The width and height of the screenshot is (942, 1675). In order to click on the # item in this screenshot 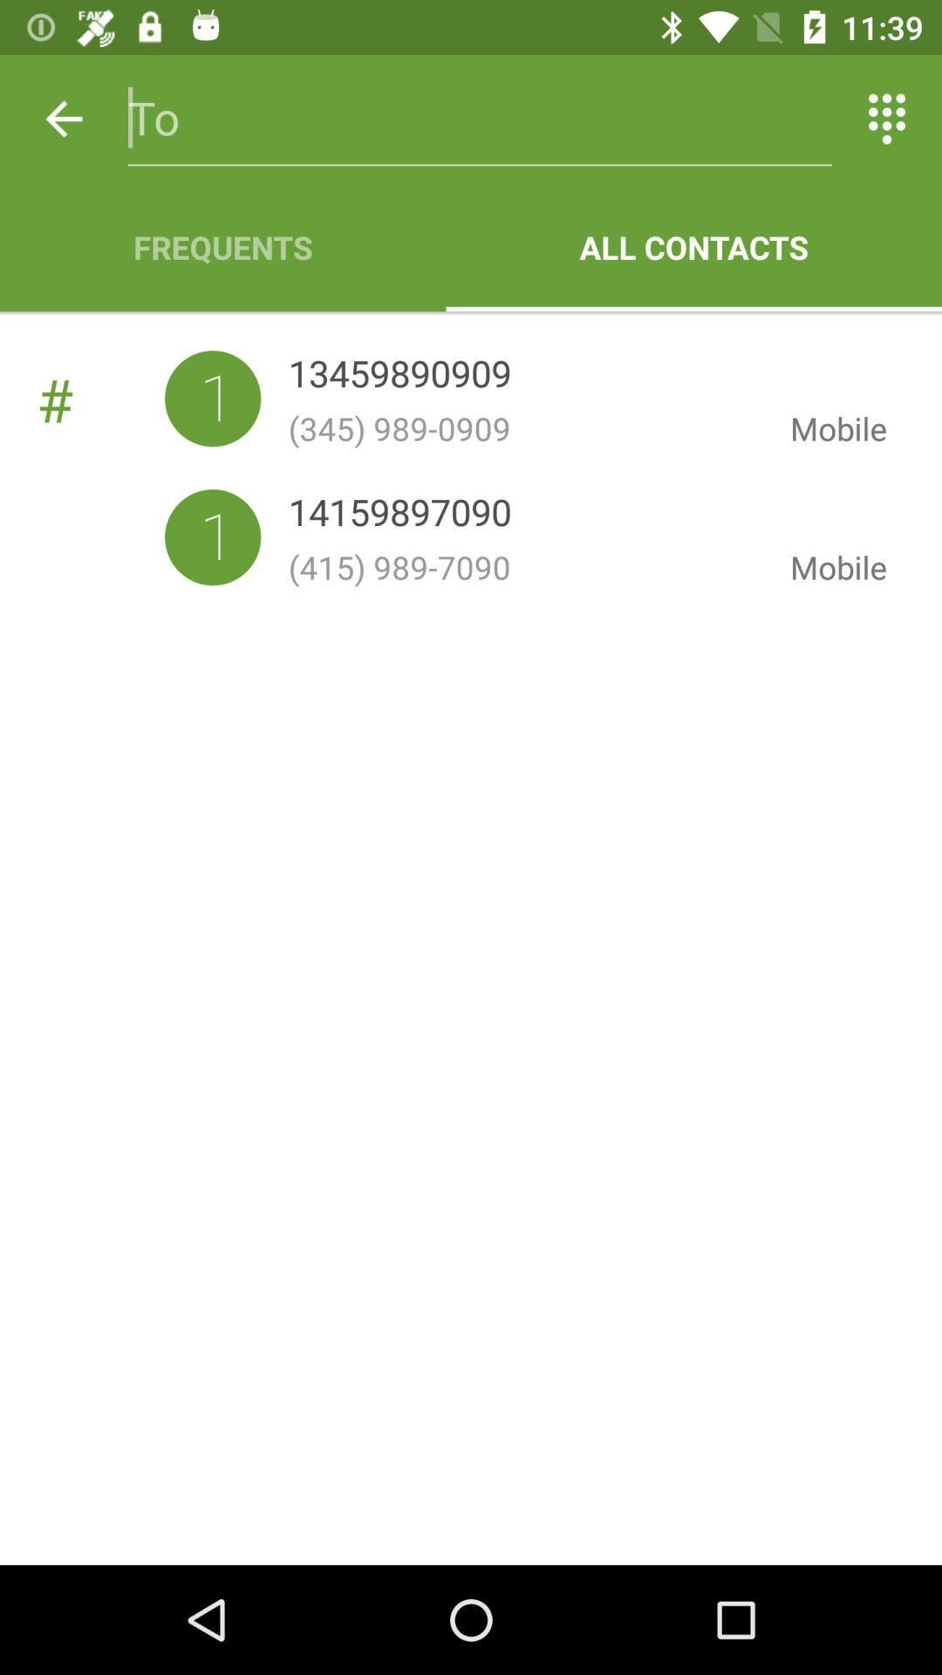, I will do `click(100, 398)`.